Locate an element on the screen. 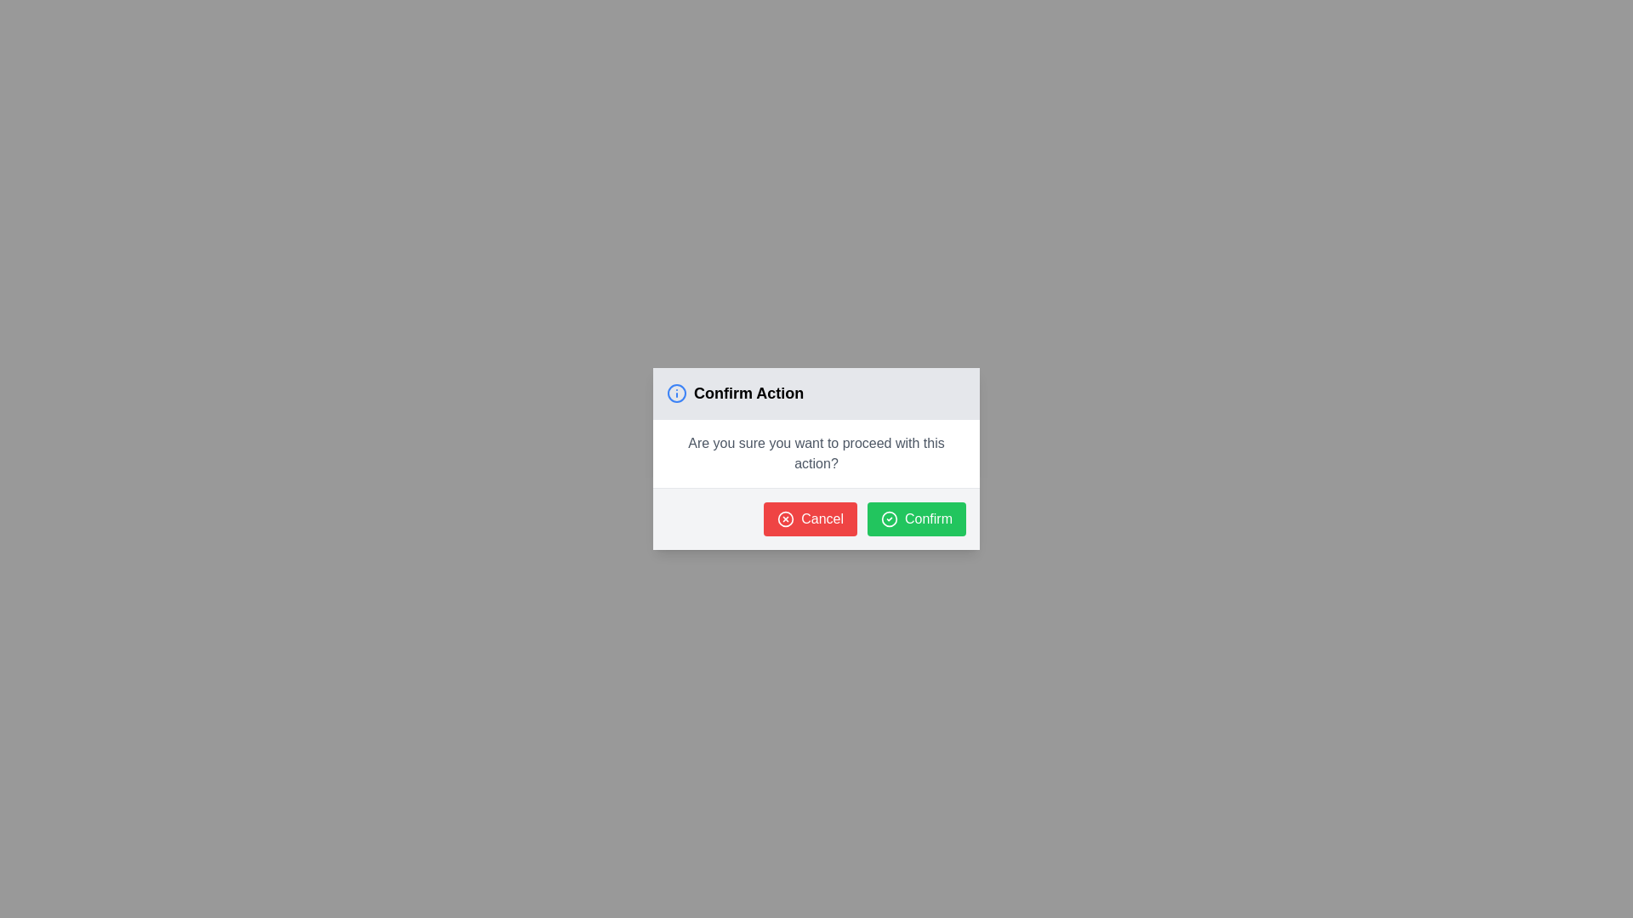  the decorative icon located near the top-left corner of the 'Confirm Action' dialog box is located at coordinates (785, 518).